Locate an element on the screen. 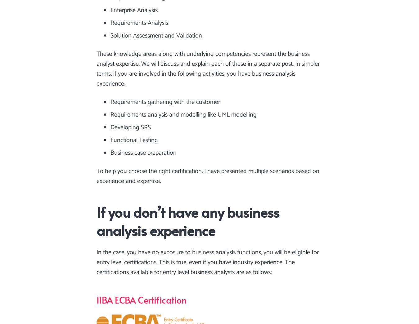 Image resolution: width=419 pixels, height=324 pixels. 'Requirements analysis and modelling like UML modelling' is located at coordinates (183, 114).